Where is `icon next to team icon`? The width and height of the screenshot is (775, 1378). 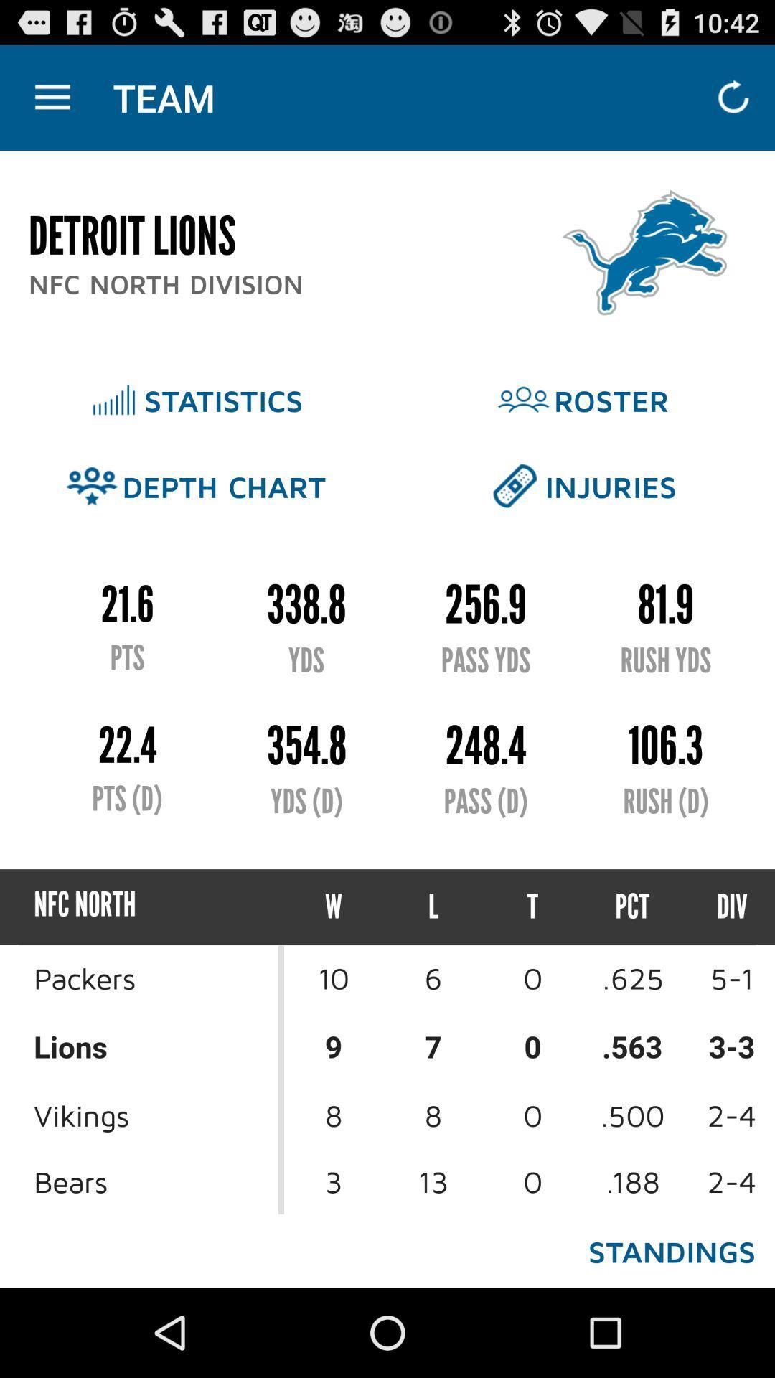
icon next to team icon is located at coordinates (52, 97).